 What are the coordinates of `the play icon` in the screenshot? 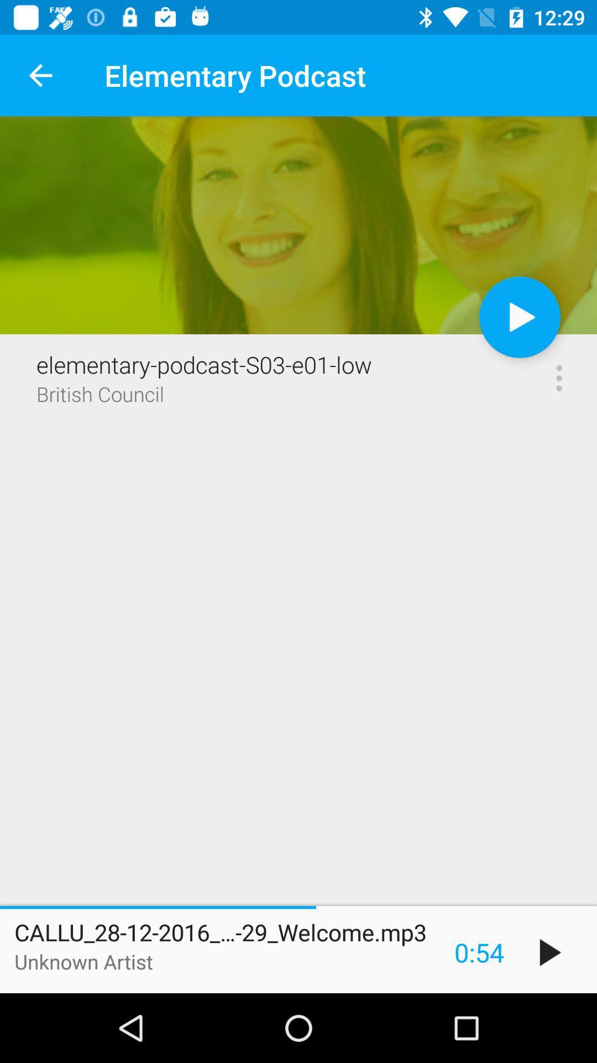 It's located at (550, 952).